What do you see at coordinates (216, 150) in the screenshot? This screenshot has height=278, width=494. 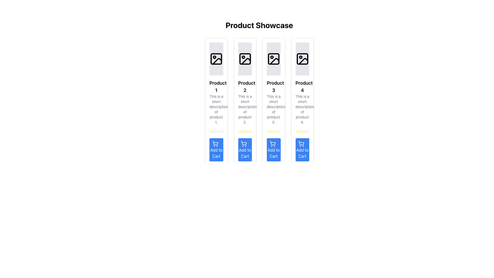 I see `the 'Add to Cart' button, which has a blue background, rounded corners, and white text, located at the bottom of the tile for 'Product 1'` at bounding box center [216, 150].